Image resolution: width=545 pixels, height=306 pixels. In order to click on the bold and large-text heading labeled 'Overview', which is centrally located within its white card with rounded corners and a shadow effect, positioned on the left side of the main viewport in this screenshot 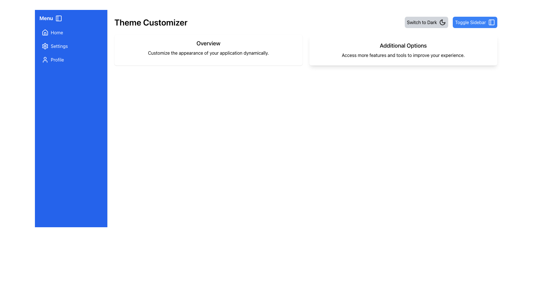, I will do `click(208, 43)`.